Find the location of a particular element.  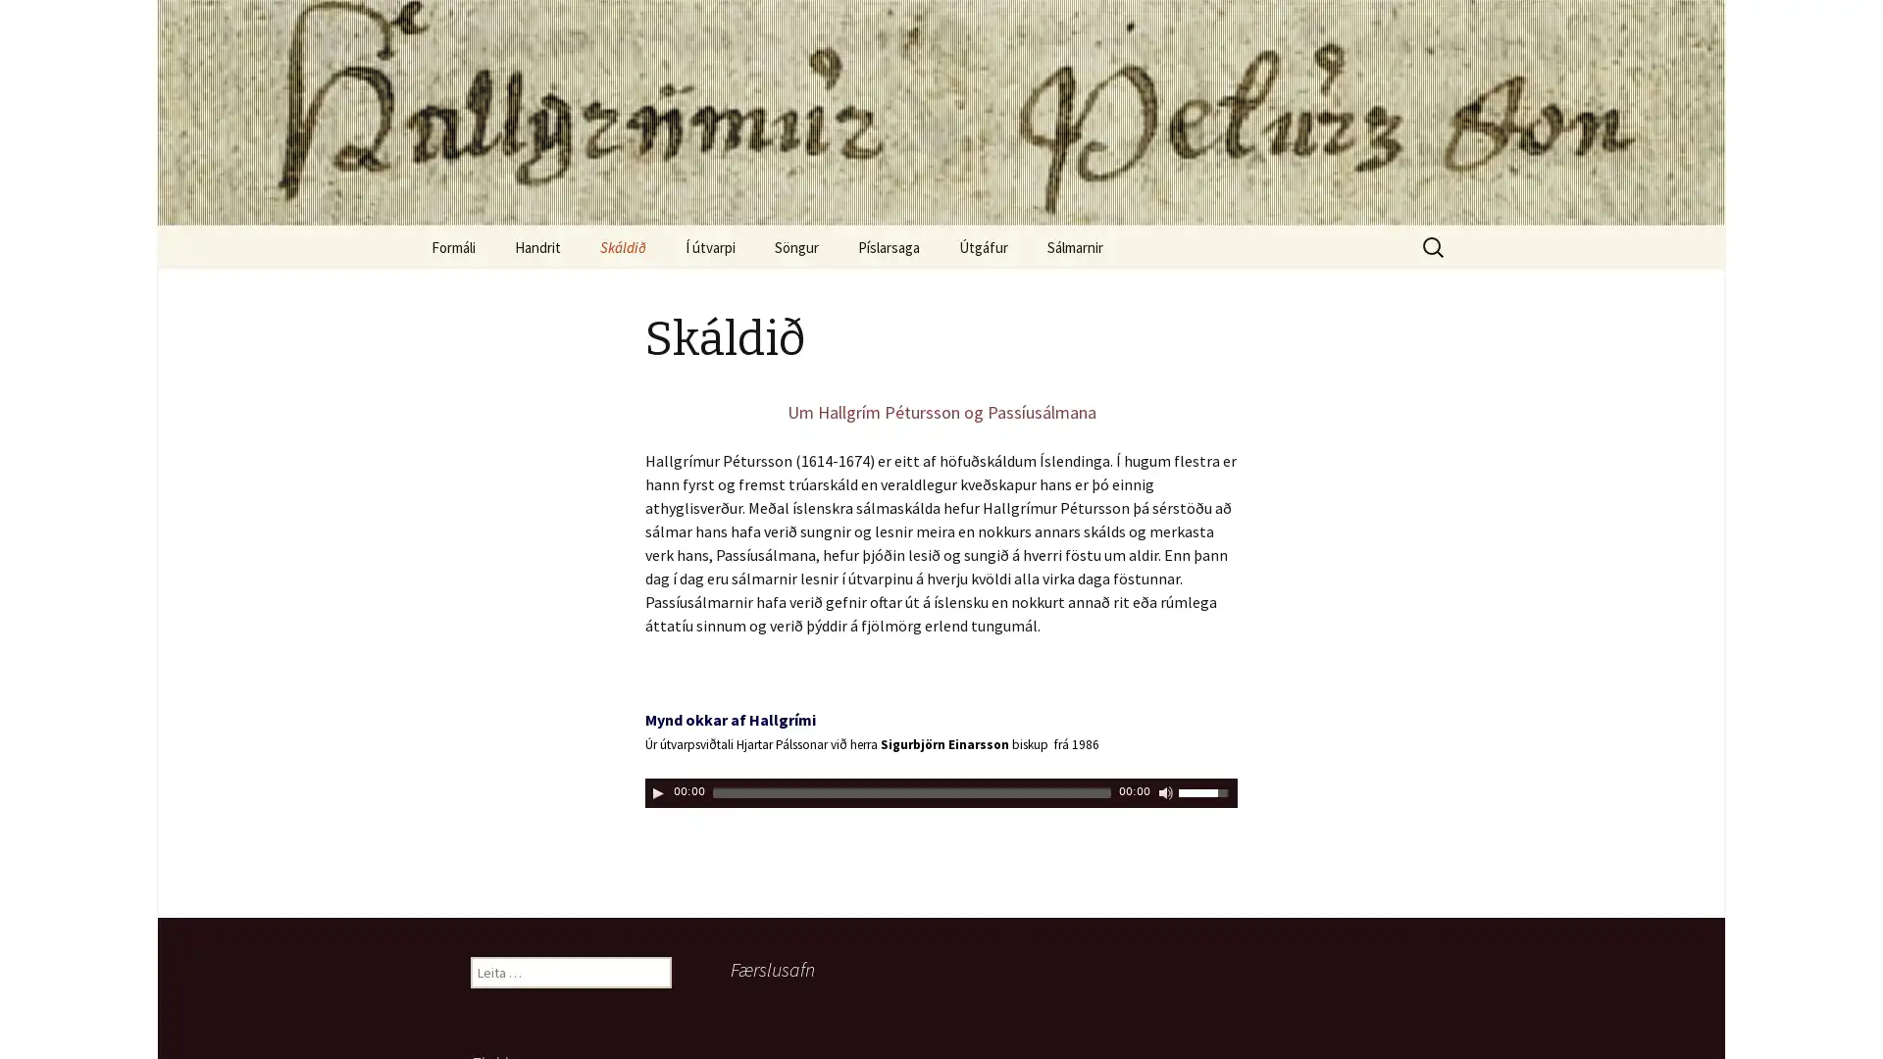

Kveikja/slokkva a hljoi is located at coordinates (1166, 792).